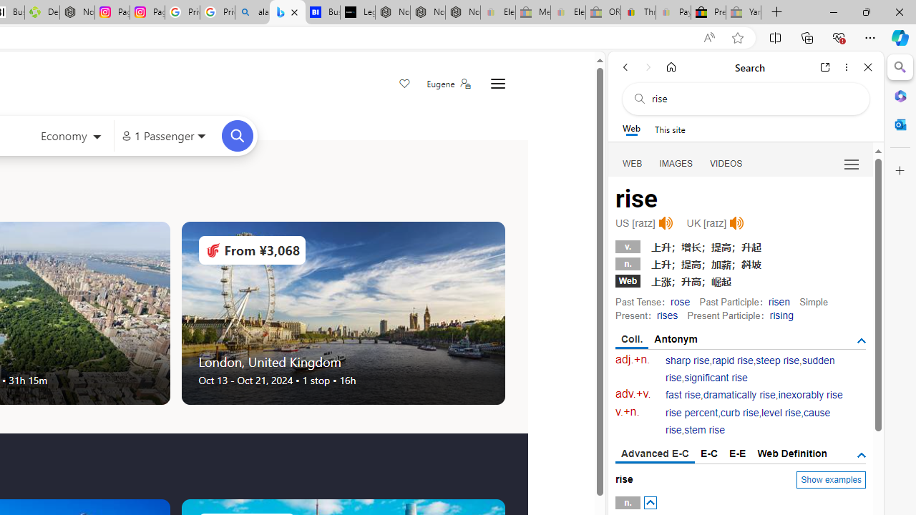  What do you see at coordinates (780, 315) in the screenshot?
I see `'rising'` at bounding box center [780, 315].